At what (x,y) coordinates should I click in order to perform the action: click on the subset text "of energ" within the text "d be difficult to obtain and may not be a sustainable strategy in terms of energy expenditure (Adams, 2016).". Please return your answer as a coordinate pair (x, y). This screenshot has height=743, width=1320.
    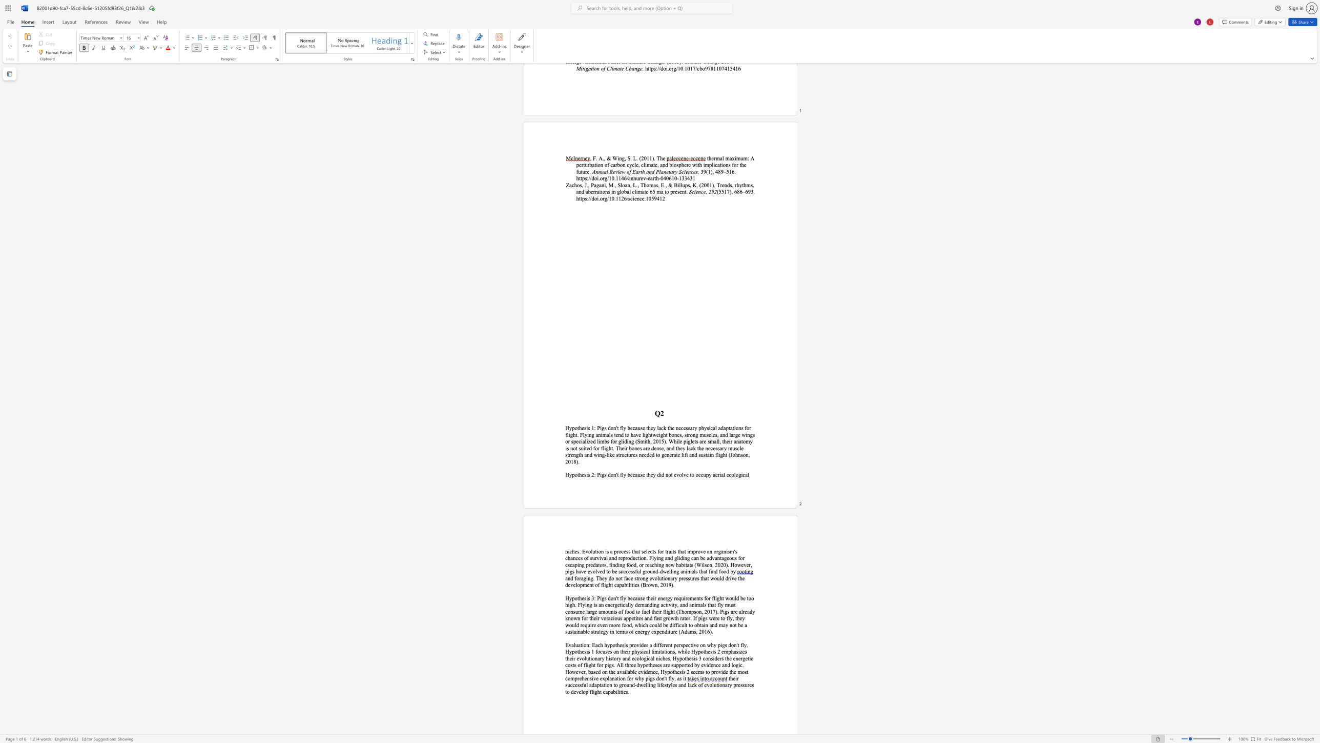
    Looking at the image, I should click on (629, 631).